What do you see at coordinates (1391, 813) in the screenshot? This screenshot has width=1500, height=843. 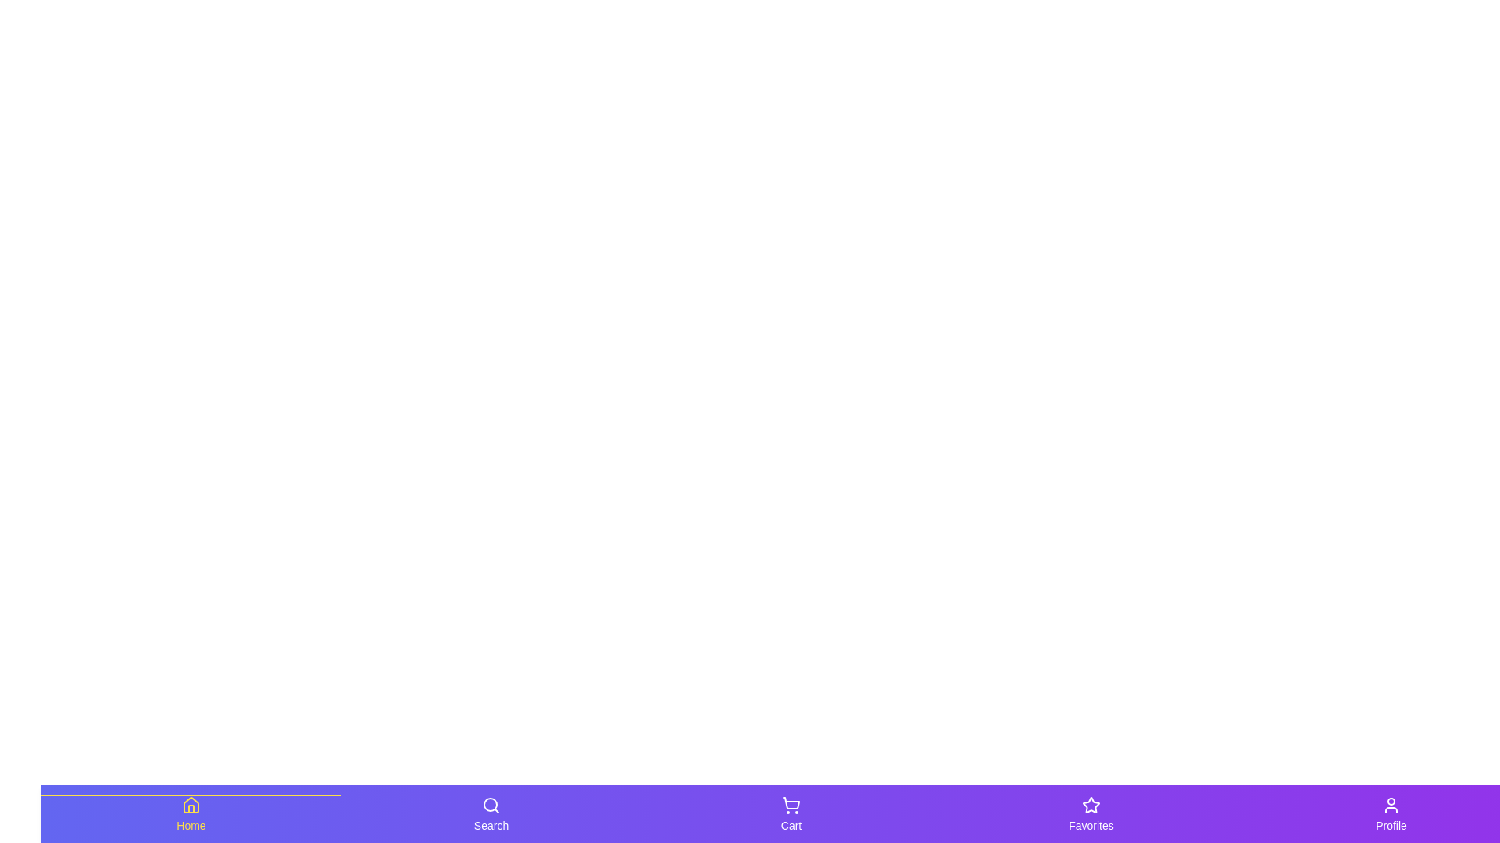 I see `the tab labeled Profile` at bounding box center [1391, 813].